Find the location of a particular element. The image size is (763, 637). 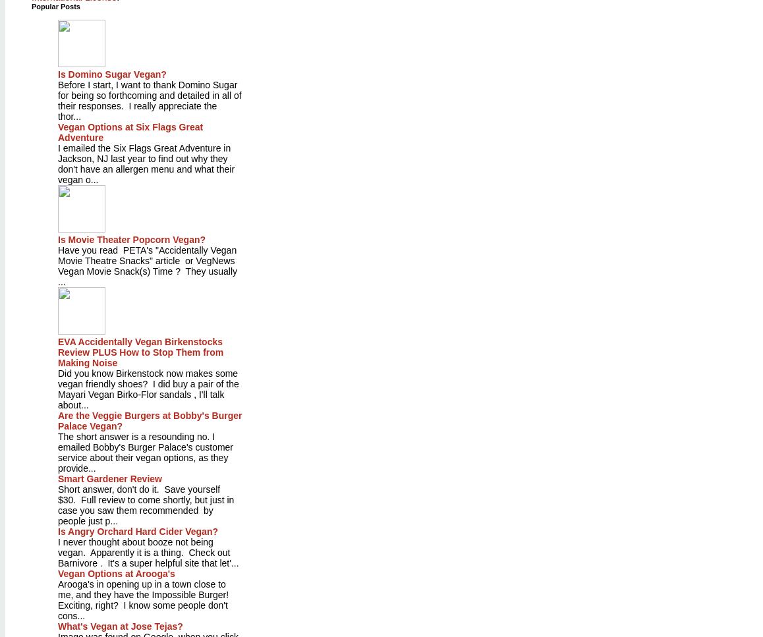

'Short answer, don't do it.  Save yourself $30.  Full review to come shortly, but just in case you saw them recommended  by people just p...' is located at coordinates (146, 504).